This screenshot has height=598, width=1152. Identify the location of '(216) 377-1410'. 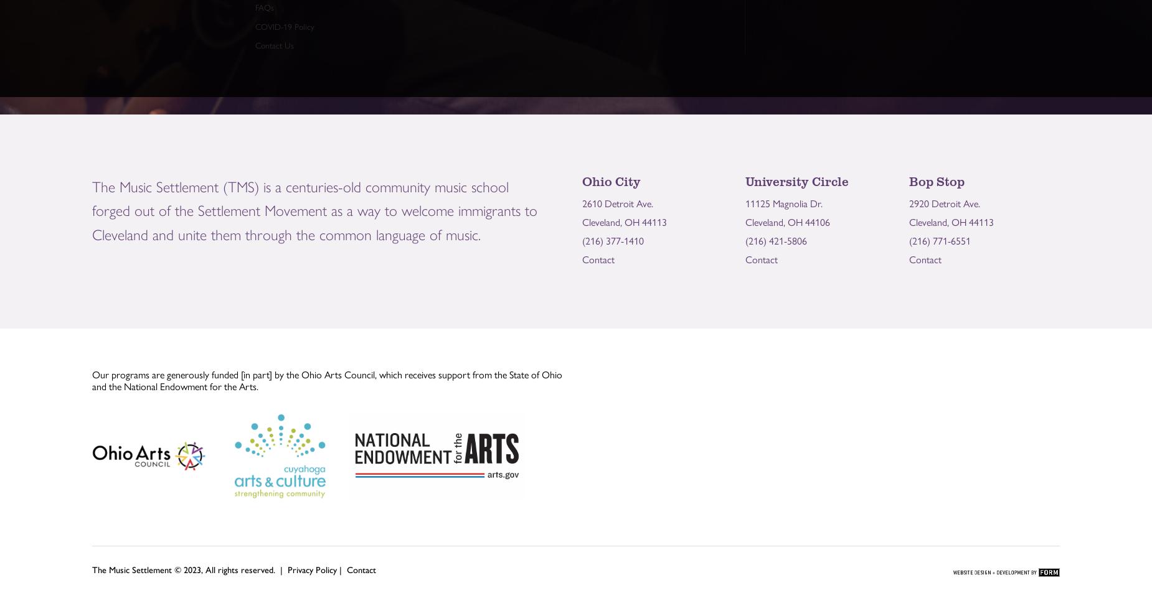
(612, 240).